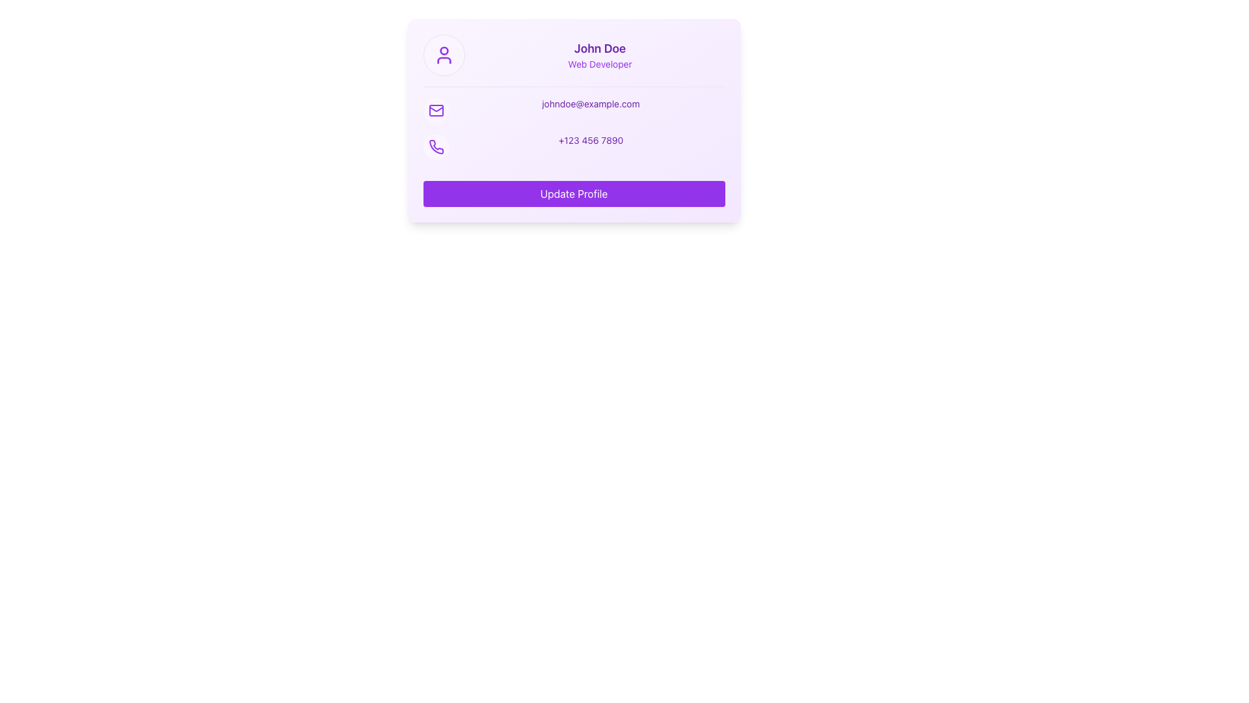 The width and height of the screenshot is (1249, 703). What do you see at coordinates (444, 54) in the screenshot?
I see `the user profile icon located at the top of the profile card, above the text labeled 'John Doe'` at bounding box center [444, 54].